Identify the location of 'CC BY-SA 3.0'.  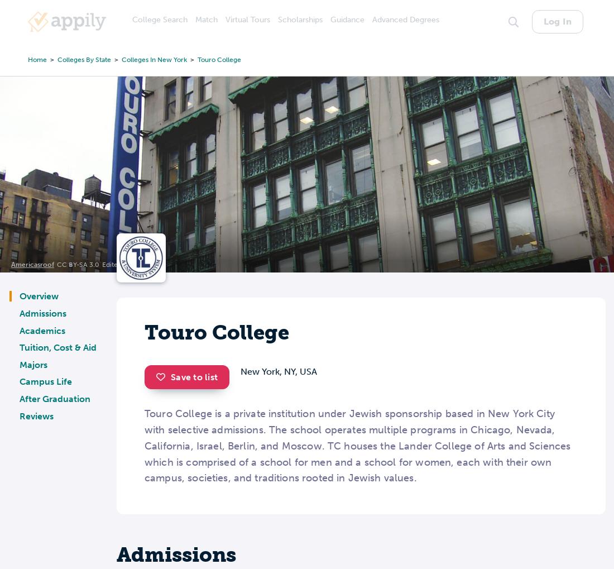
(78, 264).